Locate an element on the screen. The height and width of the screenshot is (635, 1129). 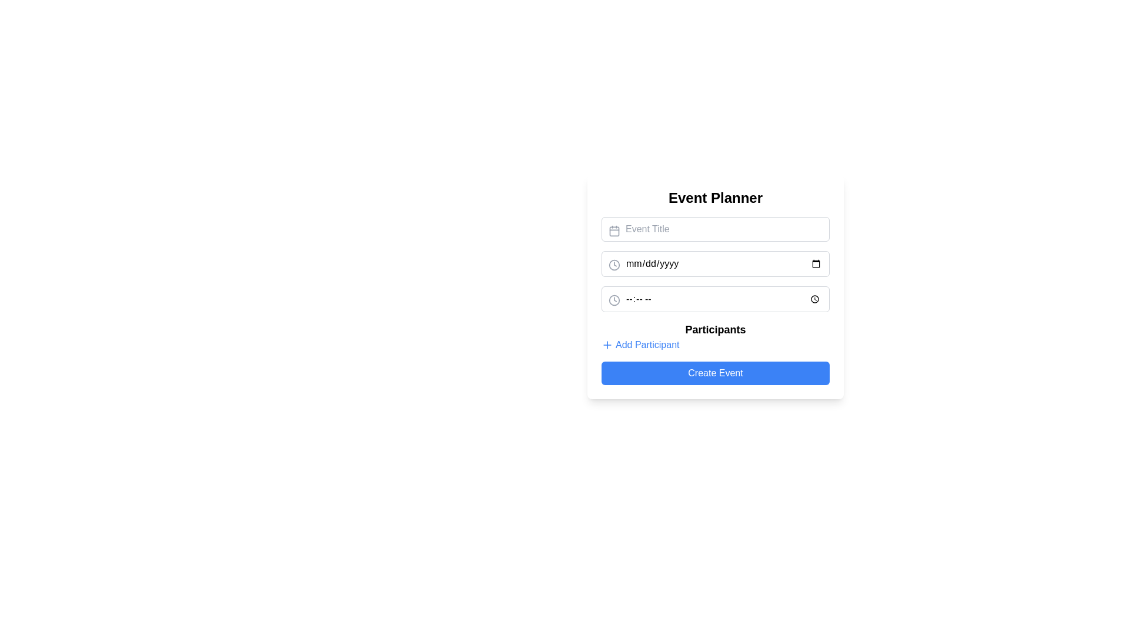
the calendar icon located at the top left corner of the 'Event Title' input field is located at coordinates (614, 231).